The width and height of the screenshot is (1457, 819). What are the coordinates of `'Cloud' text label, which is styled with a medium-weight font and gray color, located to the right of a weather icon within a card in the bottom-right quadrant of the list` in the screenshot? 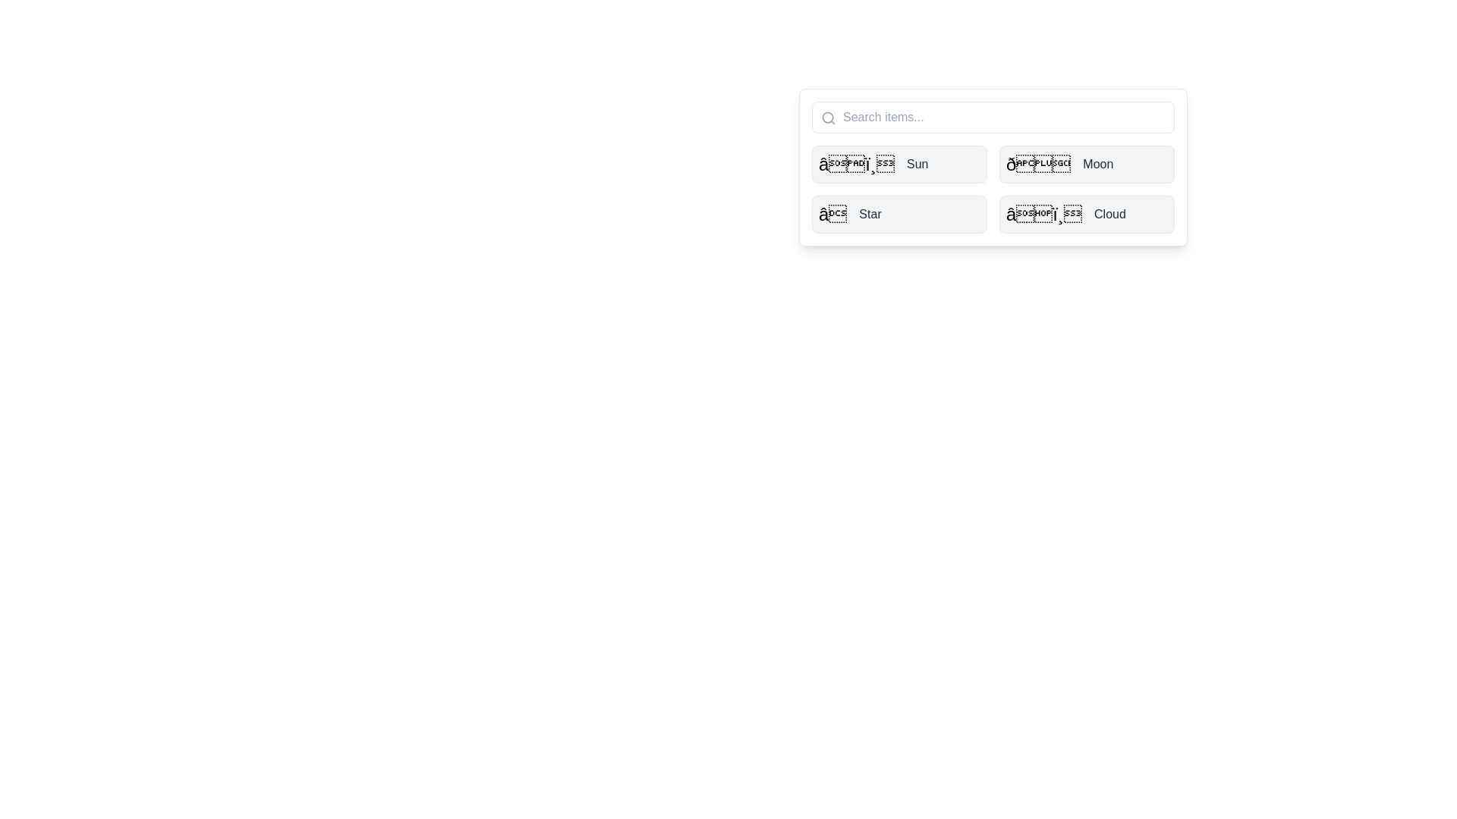 It's located at (1109, 214).